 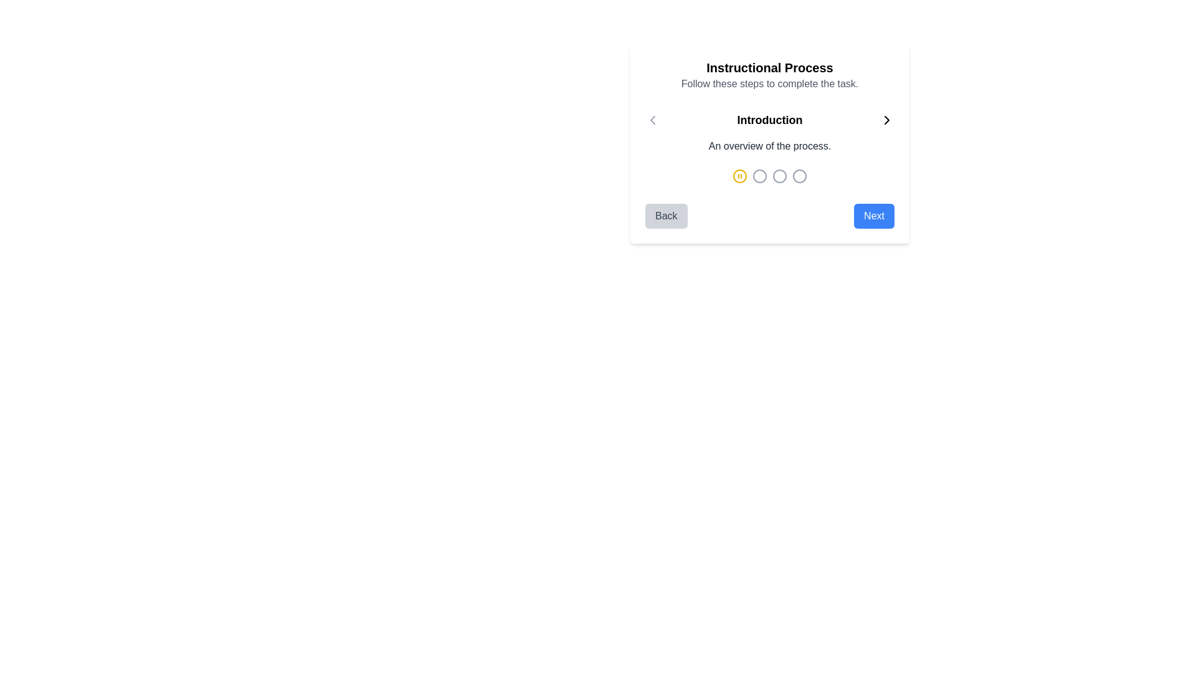 What do you see at coordinates (769, 120) in the screenshot?
I see `the 'Introduction' text label, which is a prominently displayed bold text block centered in the navigation control bar, flanked by left and right navigation icons` at bounding box center [769, 120].